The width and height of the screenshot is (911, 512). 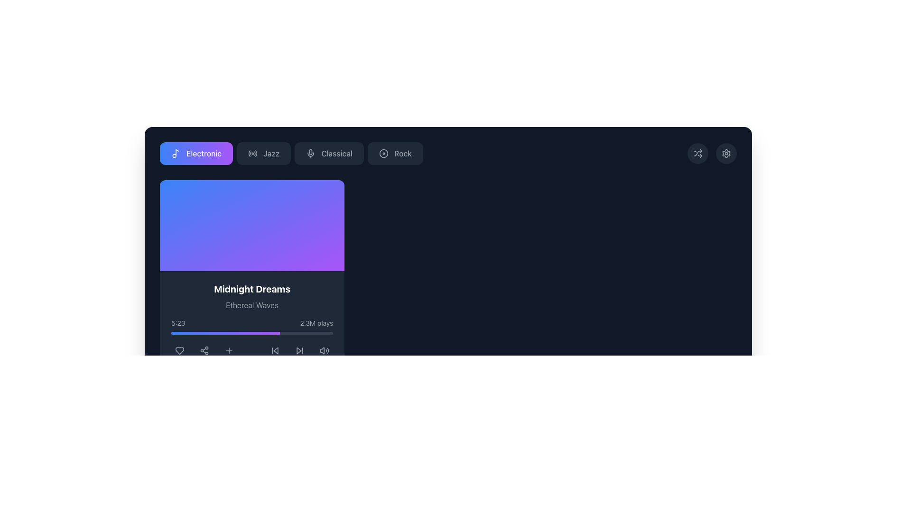 What do you see at coordinates (195, 153) in the screenshot?
I see `the category selector button for the 'Electronic' genre` at bounding box center [195, 153].